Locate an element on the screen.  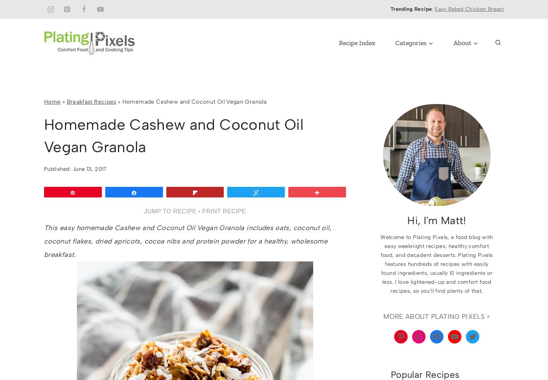
'Welcome to Plating Pixels, a food blog with easy weeknight recipes, healthy comfort food, and decadent desserts. Plating Pixels features hundreds of recipes with easily found ingredients, usually 10 ingredients or less. I love lightened-up and comfort food recipes, so you’ll find plenty of that.' is located at coordinates (436, 263).